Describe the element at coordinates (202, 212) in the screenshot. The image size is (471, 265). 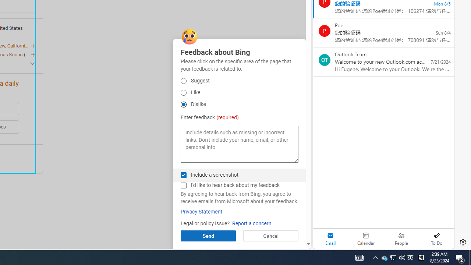
I see `'Privacy Statement'` at that location.